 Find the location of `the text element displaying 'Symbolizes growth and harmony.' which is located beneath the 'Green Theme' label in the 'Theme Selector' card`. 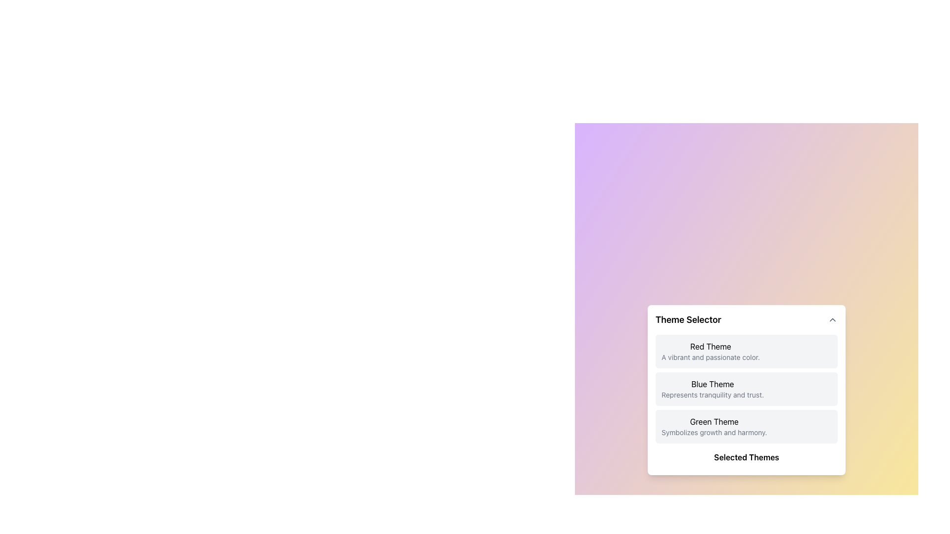

the text element displaying 'Symbolizes growth and harmony.' which is located beneath the 'Green Theme' label in the 'Theme Selector' card is located at coordinates (714, 432).